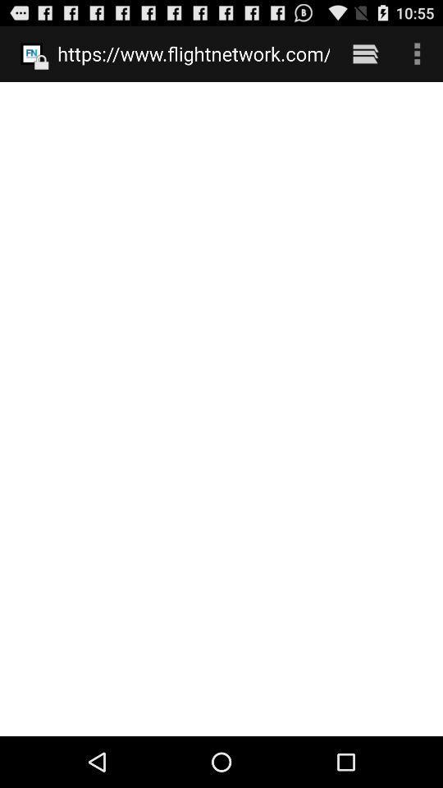 This screenshot has height=788, width=443. I want to click on the icon at the center, so click(221, 408).